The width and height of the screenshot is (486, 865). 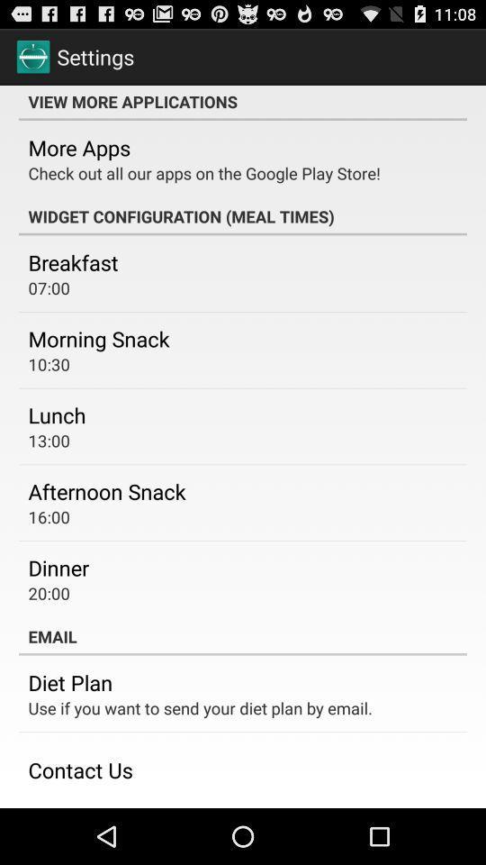 What do you see at coordinates (72, 261) in the screenshot?
I see `the breakfast` at bounding box center [72, 261].